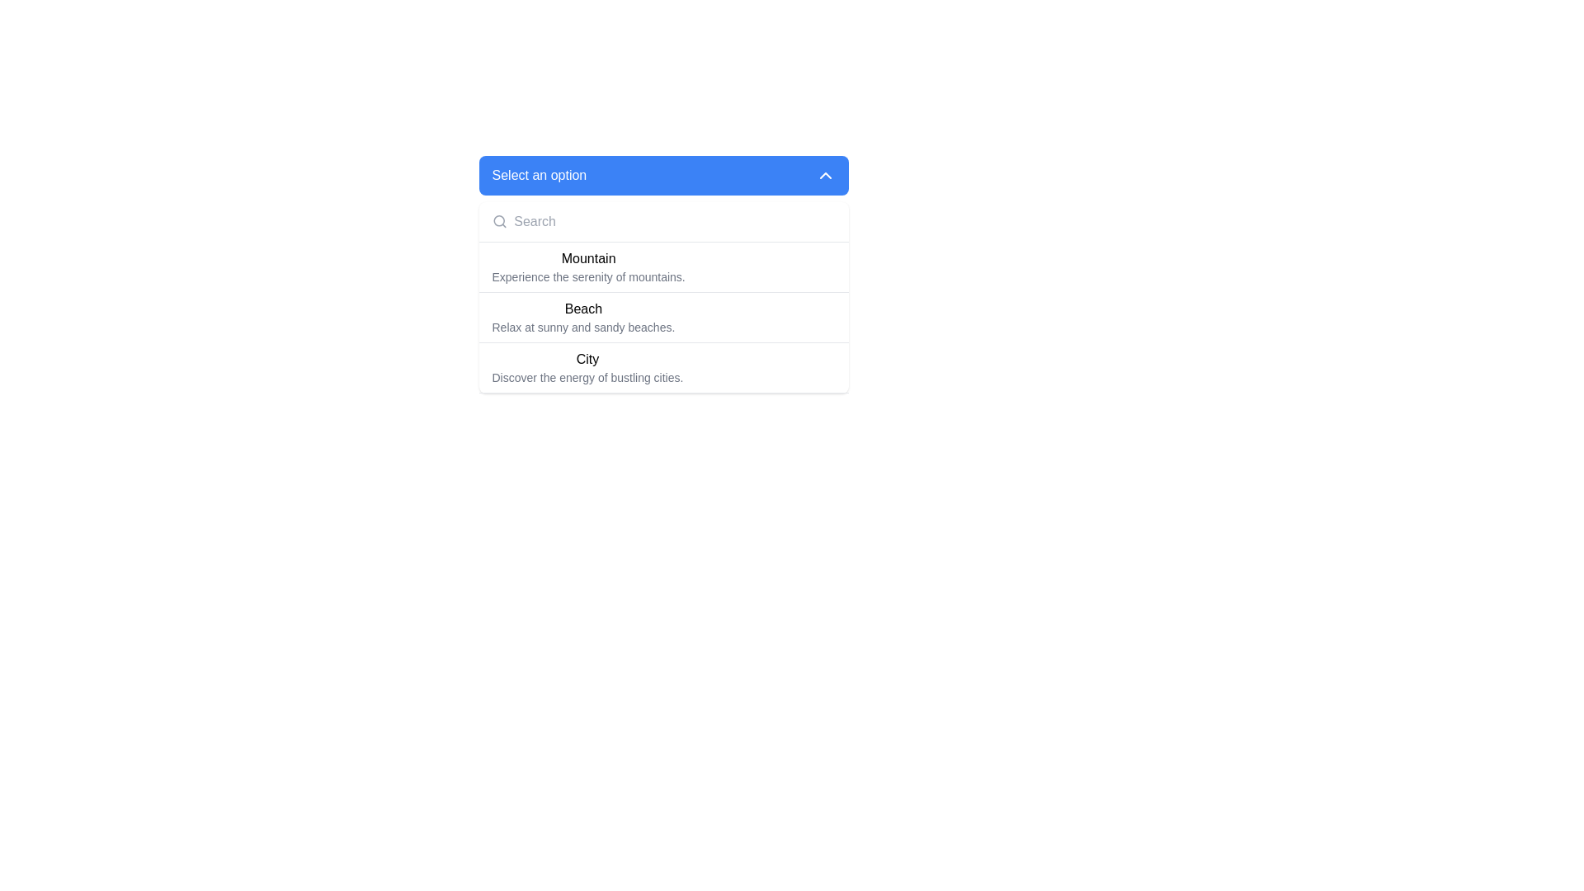  Describe the element at coordinates (587, 358) in the screenshot. I see `the bold text label reading 'City' located in the dropdown menu under the 'Select an option' header, which is the third item in the list` at that location.